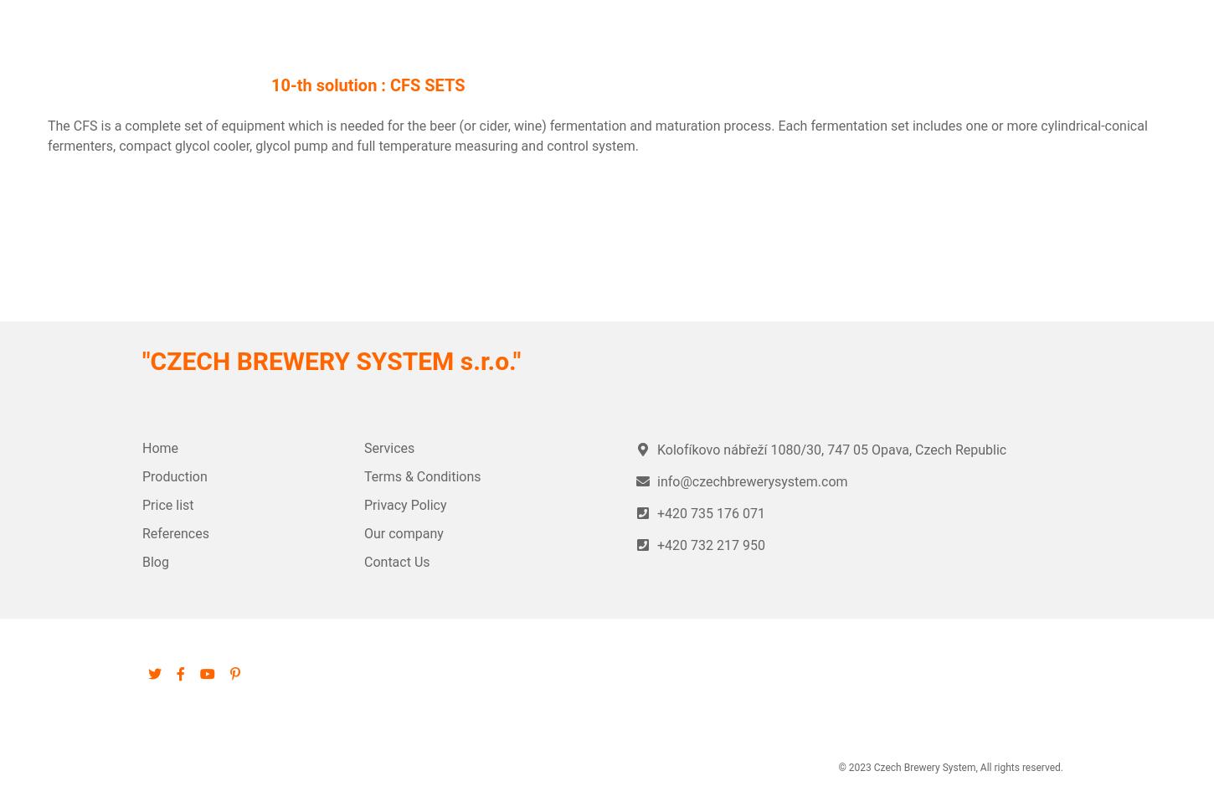 This screenshot has width=1214, height=802. I want to click on 'References', so click(174, 533).